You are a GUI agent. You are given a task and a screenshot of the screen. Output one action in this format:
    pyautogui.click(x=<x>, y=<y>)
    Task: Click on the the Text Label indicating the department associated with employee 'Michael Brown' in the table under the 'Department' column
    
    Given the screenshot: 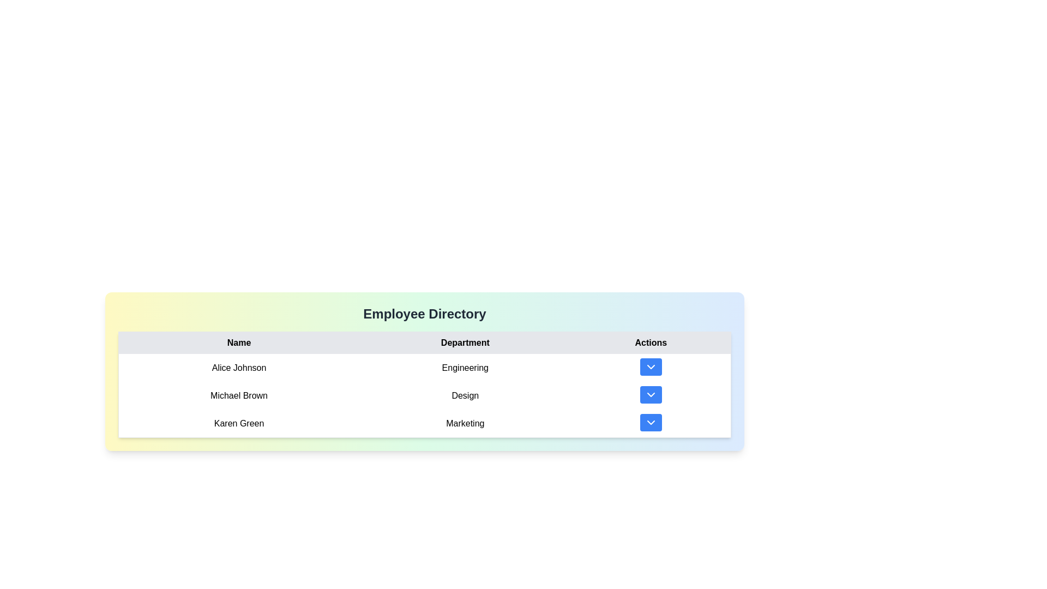 What is the action you would take?
    pyautogui.click(x=465, y=395)
    